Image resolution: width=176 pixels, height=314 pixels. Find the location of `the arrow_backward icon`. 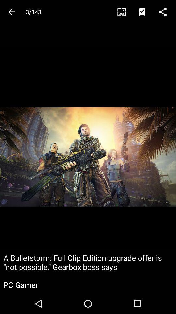

the arrow_backward icon is located at coordinates (12, 11).